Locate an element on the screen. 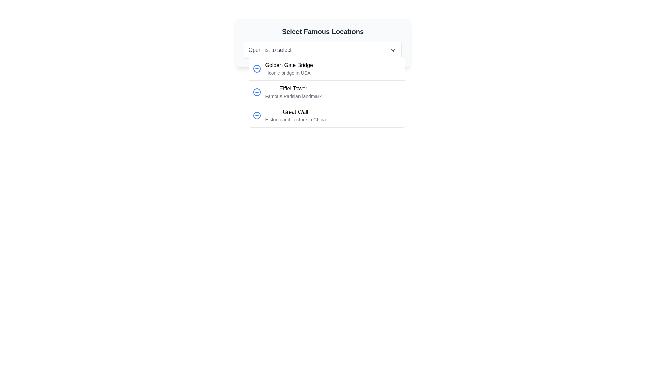  the icon button with a plus sign located to the left of the text 'Eiffel Tower' is located at coordinates (256, 92).